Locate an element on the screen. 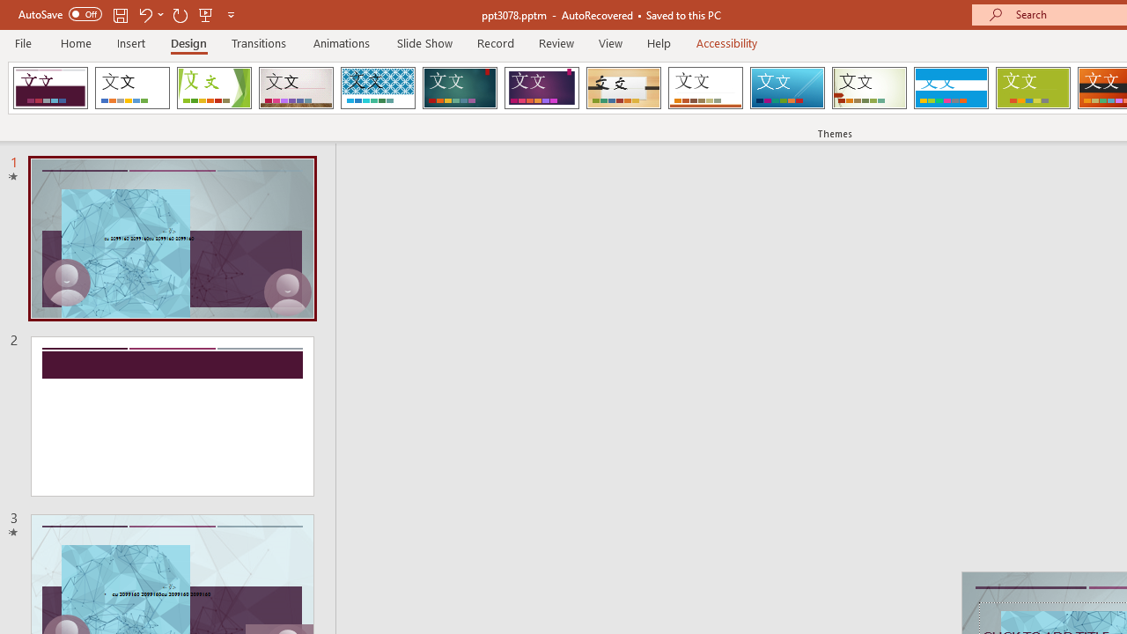 The image size is (1127, 634). 'Home' is located at coordinates (75, 42).